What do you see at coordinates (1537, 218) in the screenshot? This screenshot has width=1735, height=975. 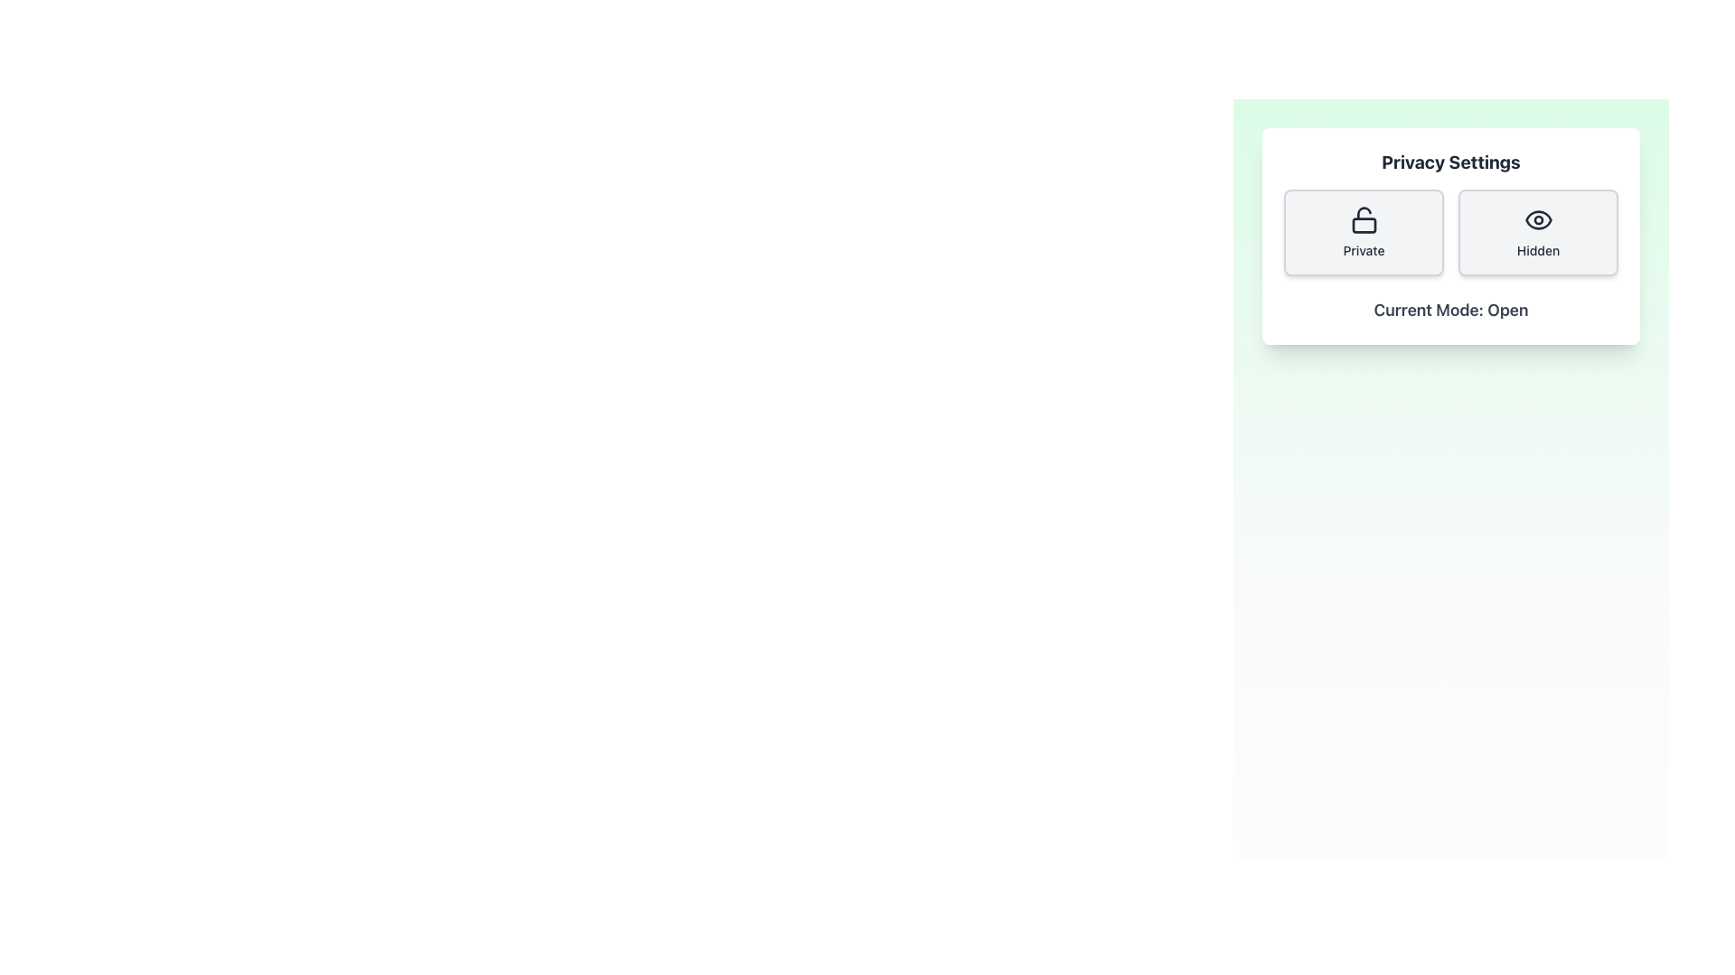 I see `the eye icon in the privacy settings panel` at bounding box center [1537, 218].